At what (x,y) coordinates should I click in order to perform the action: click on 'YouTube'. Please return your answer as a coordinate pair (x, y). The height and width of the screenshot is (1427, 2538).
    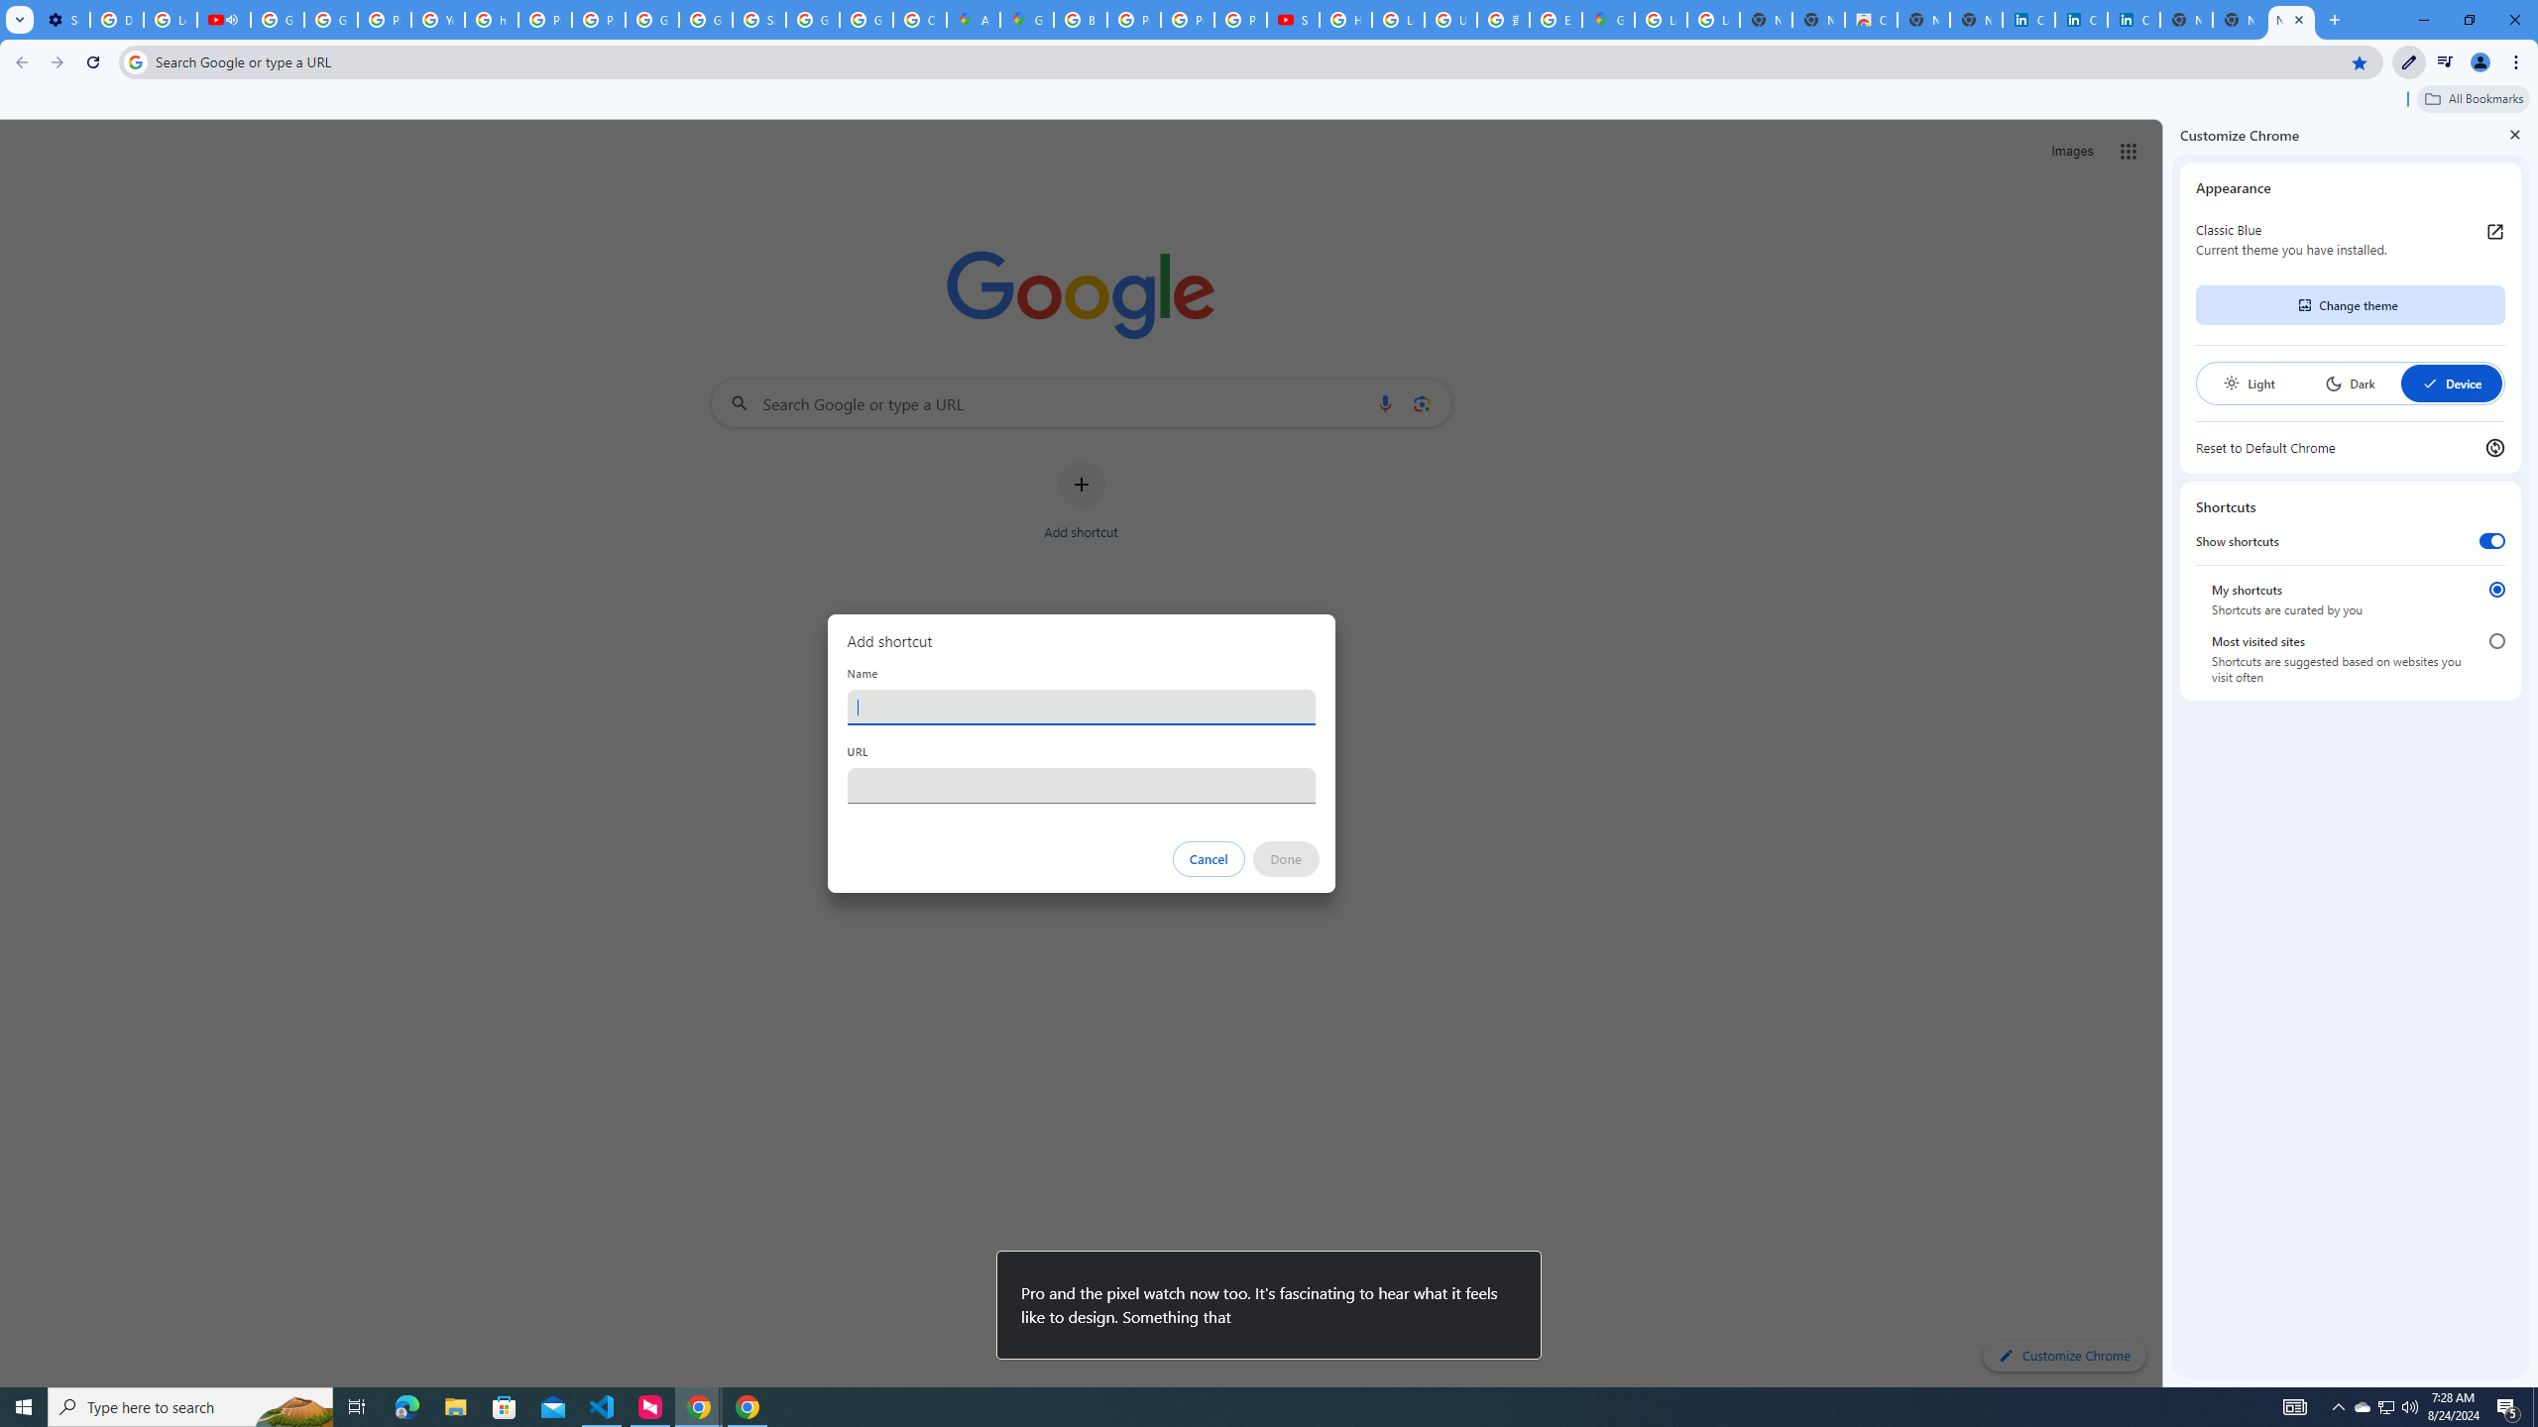
    Looking at the image, I should click on (437, 19).